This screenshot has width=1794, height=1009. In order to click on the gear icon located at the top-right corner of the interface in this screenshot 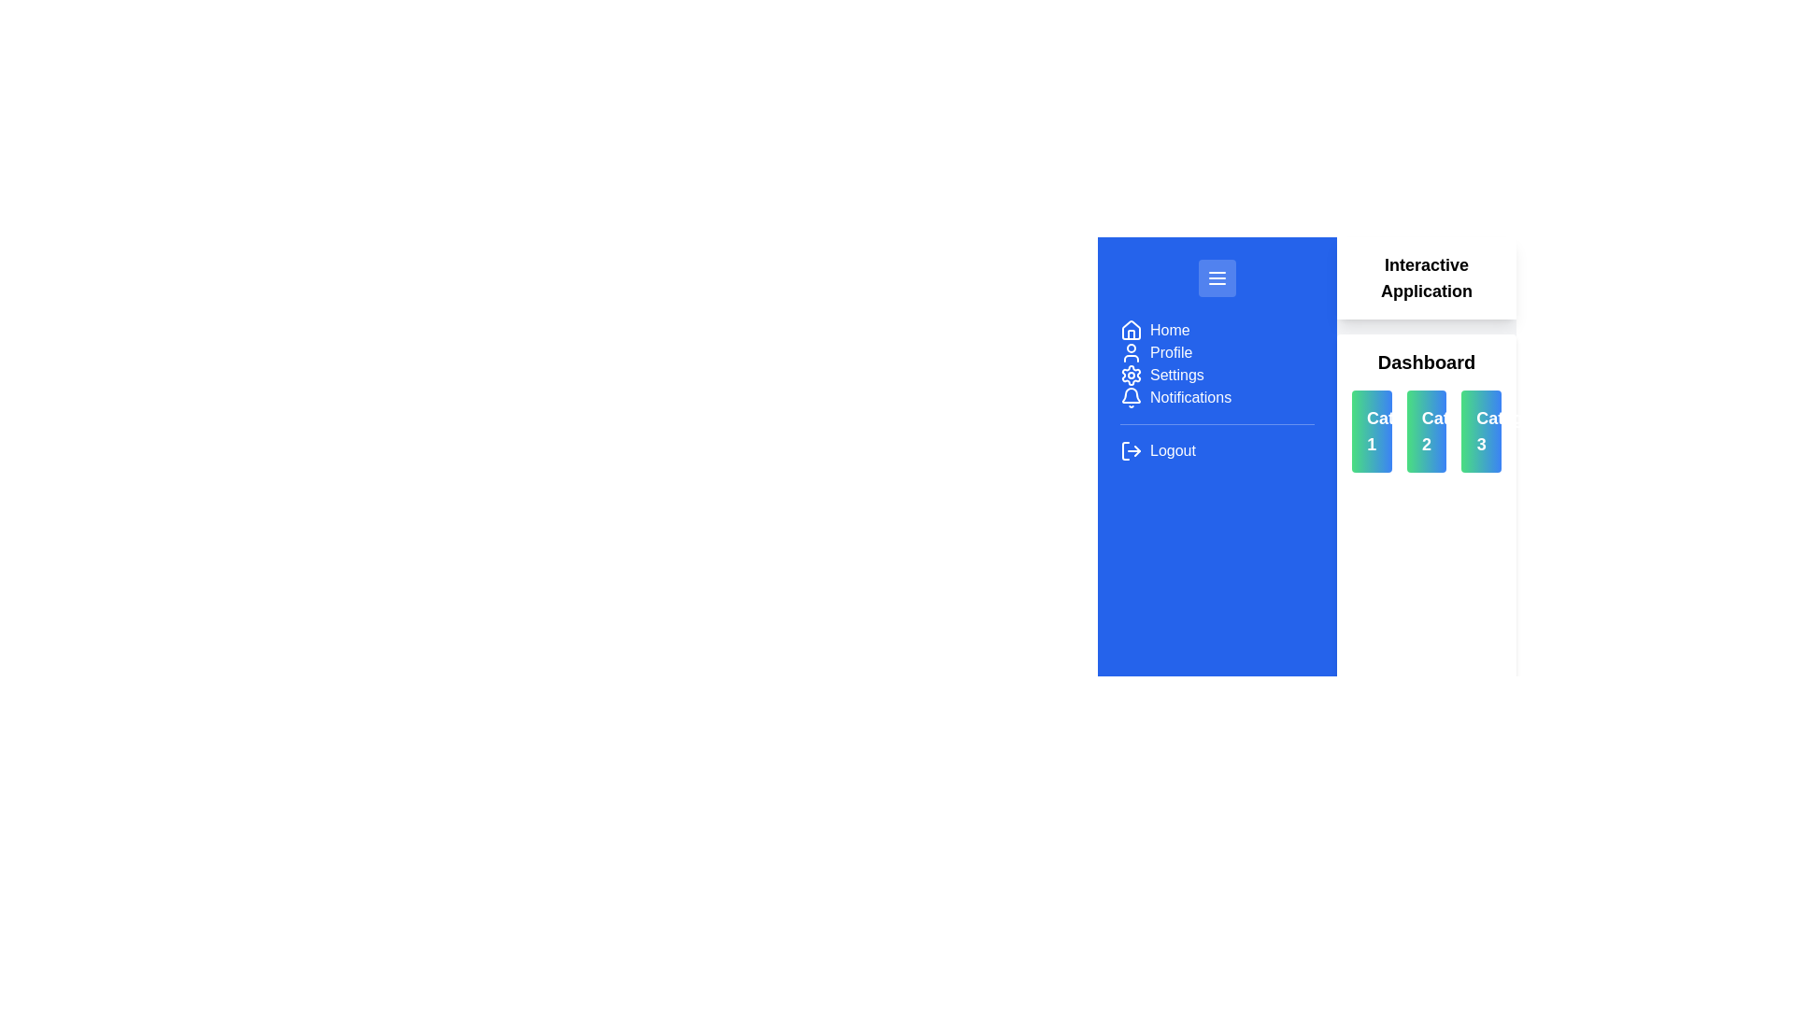, I will do `click(1130, 375)`.